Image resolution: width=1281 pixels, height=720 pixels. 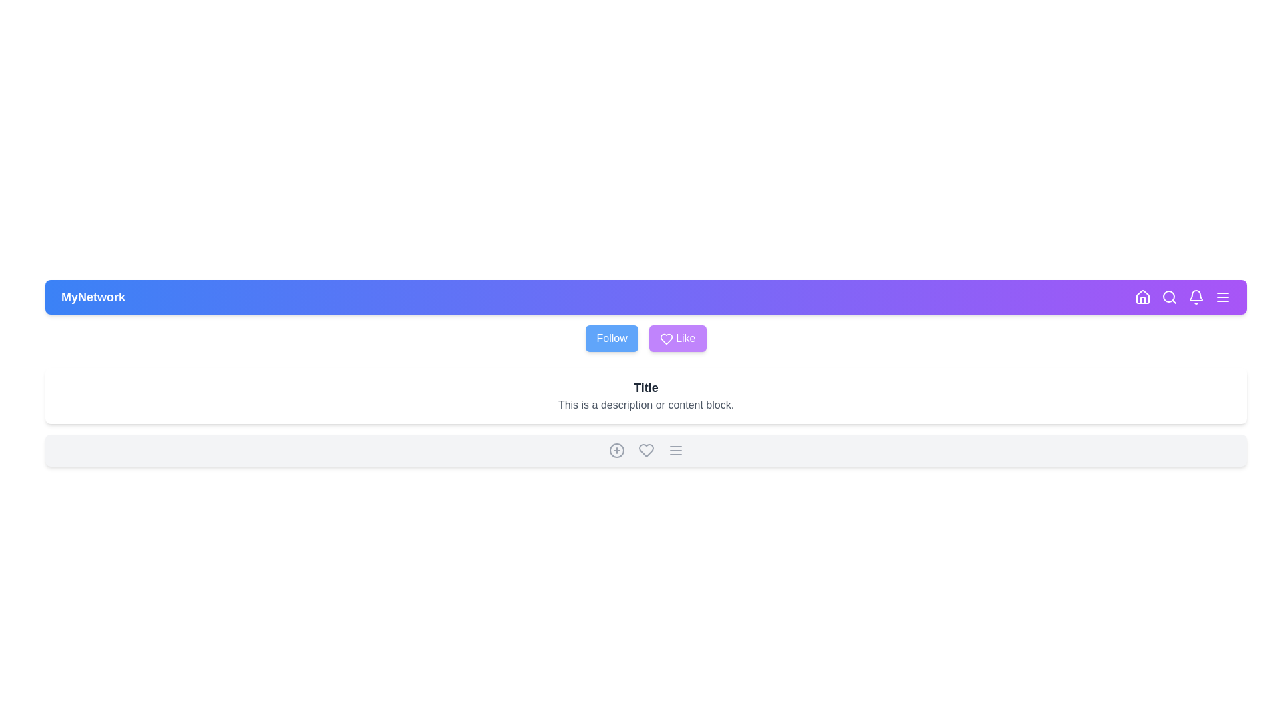 I want to click on the 'MyNetwork' text label element, which is a prominent navigational link in bold, white uppercase font against a gradient blue background, located on the left side of the navigation bar, so click(x=92, y=297).